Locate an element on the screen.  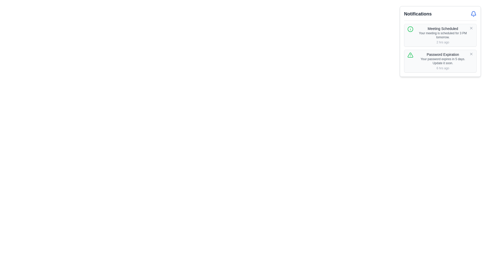
the small gray button with an 'X' icon located at the top-right corner of the notification entry titled 'Meeting Scheduled' to change its color to red is located at coordinates (471, 28).